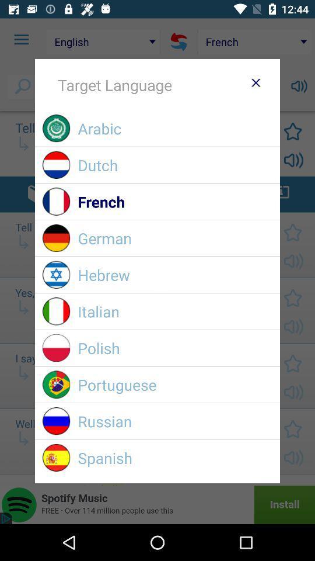  Describe the element at coordinates (174, 202) in the screenshot. I see `the french item` at that location.